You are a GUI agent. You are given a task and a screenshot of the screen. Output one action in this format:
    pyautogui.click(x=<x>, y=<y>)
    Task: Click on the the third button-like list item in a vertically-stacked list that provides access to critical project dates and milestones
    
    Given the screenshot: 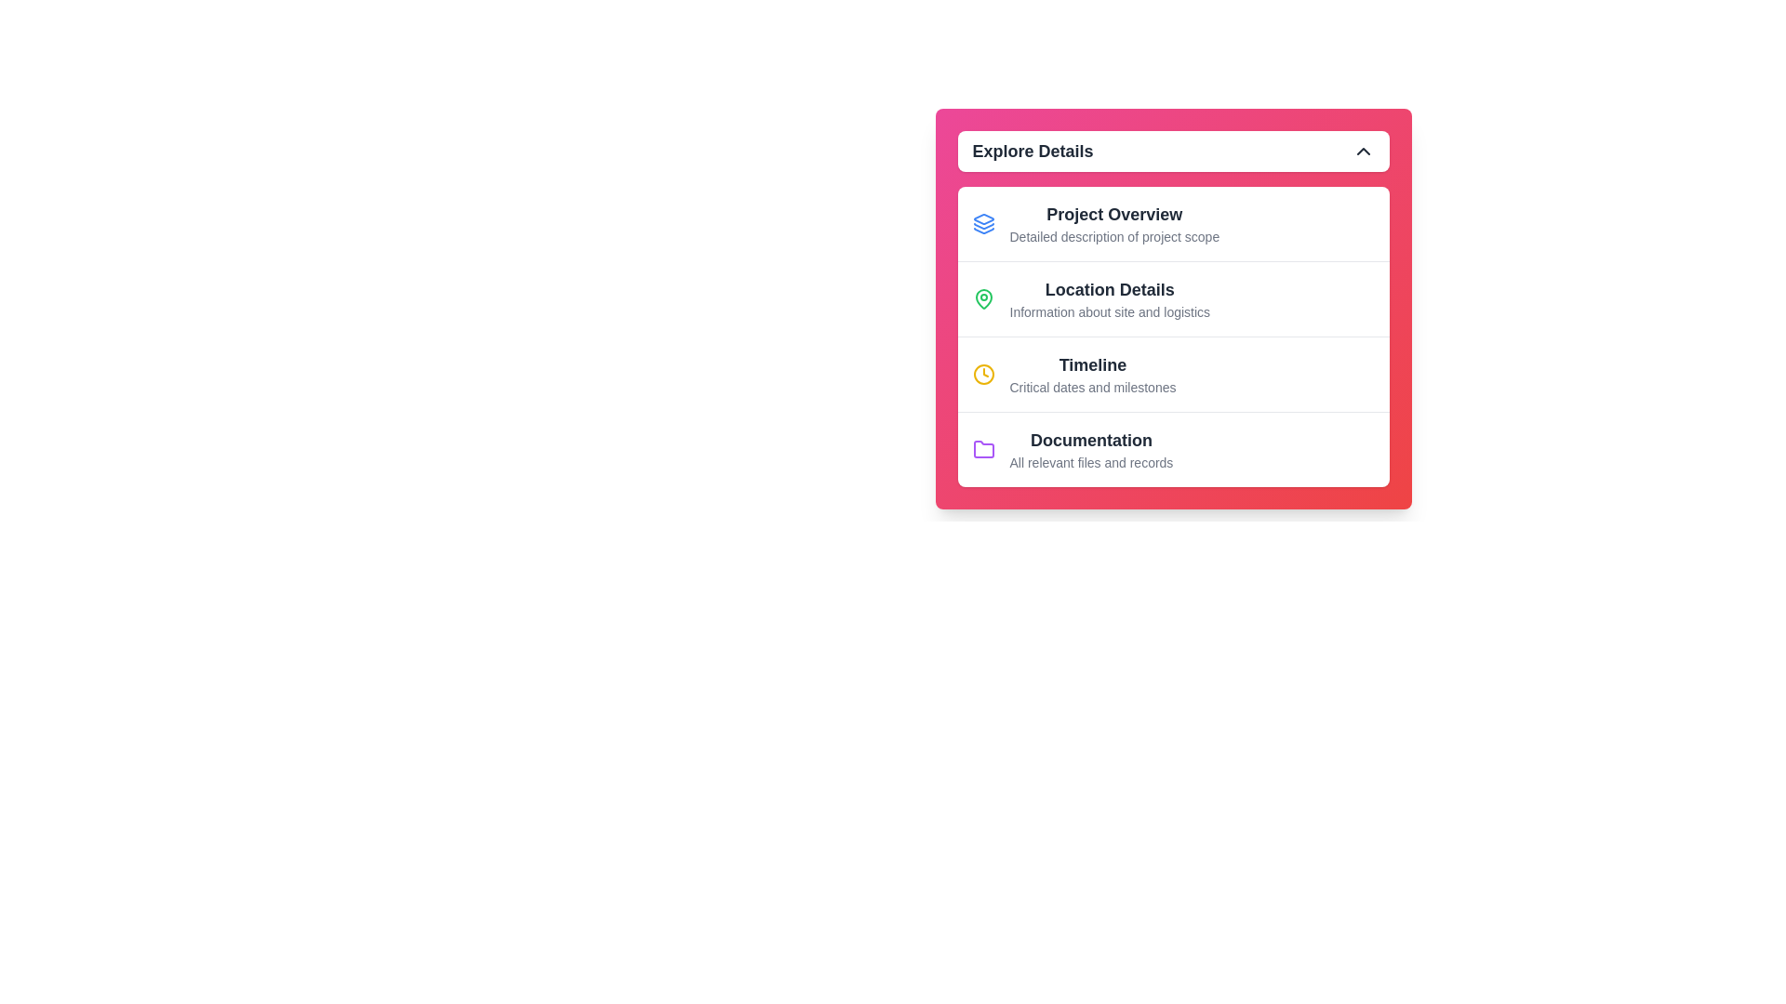 What is the action you would take?
    pyautogui.click(x=1172, y=374)
    